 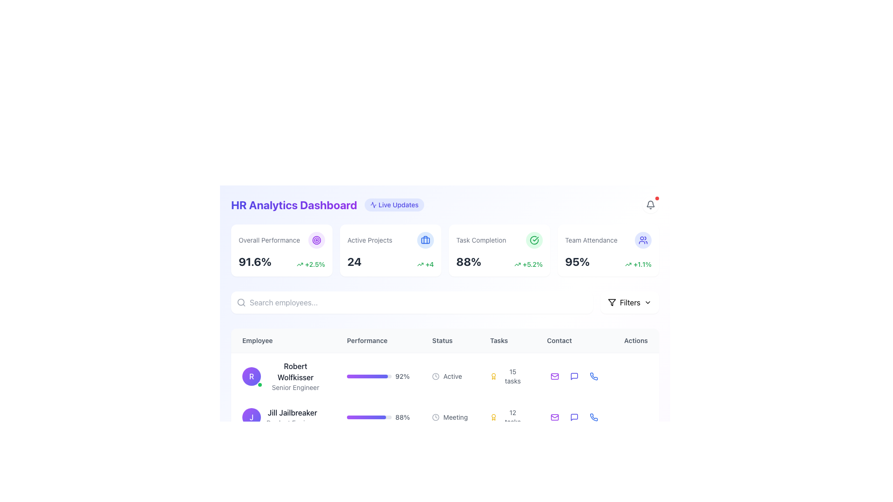 I want to click on the 'Meeting' text label with clock icon located in the 'Tasks' column of the second entry in the list of employees, so click(x=450, y=417).